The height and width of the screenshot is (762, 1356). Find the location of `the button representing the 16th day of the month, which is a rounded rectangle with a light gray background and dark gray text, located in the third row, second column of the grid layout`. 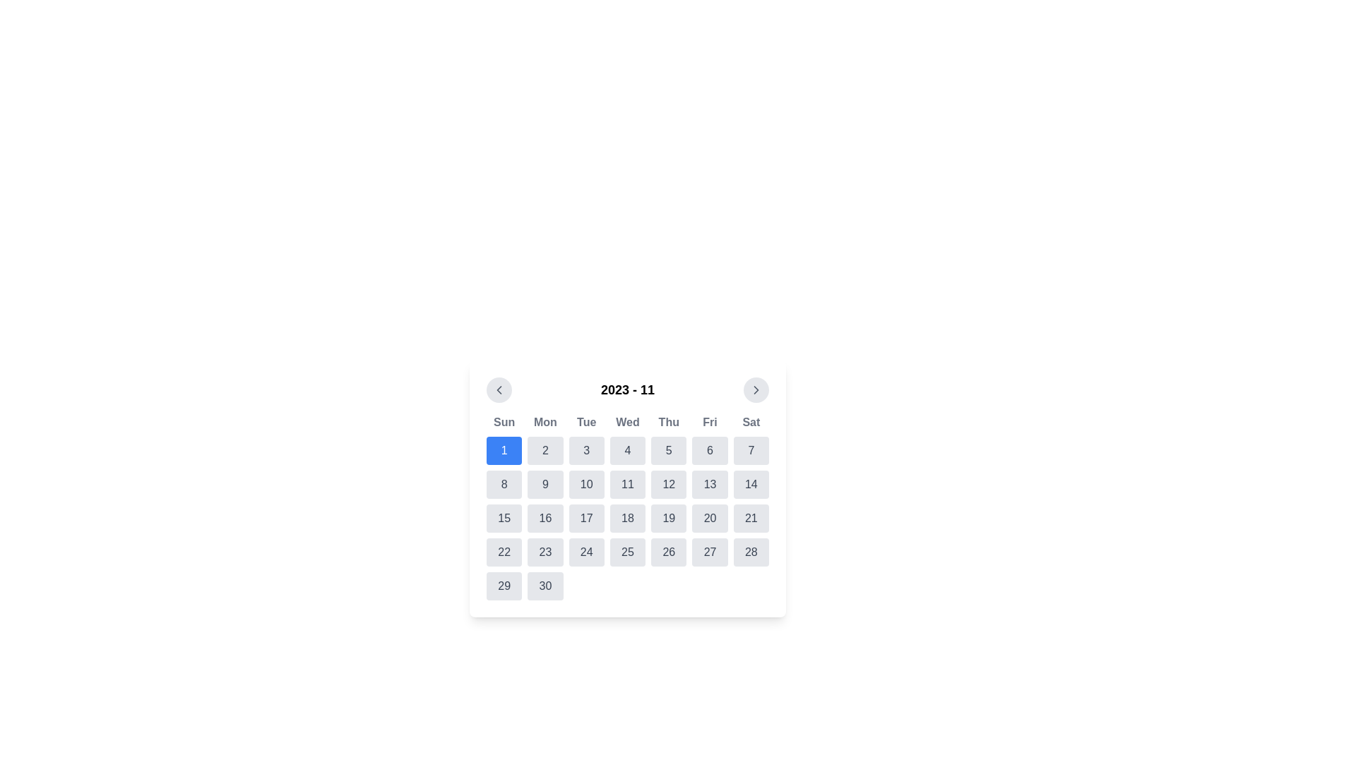

the button representing the 16th day of the month, which is a rounded rectangle with a light gray background and dark gray text, located in the third row, second column of the grid layout is located at coordinates (545, 519).